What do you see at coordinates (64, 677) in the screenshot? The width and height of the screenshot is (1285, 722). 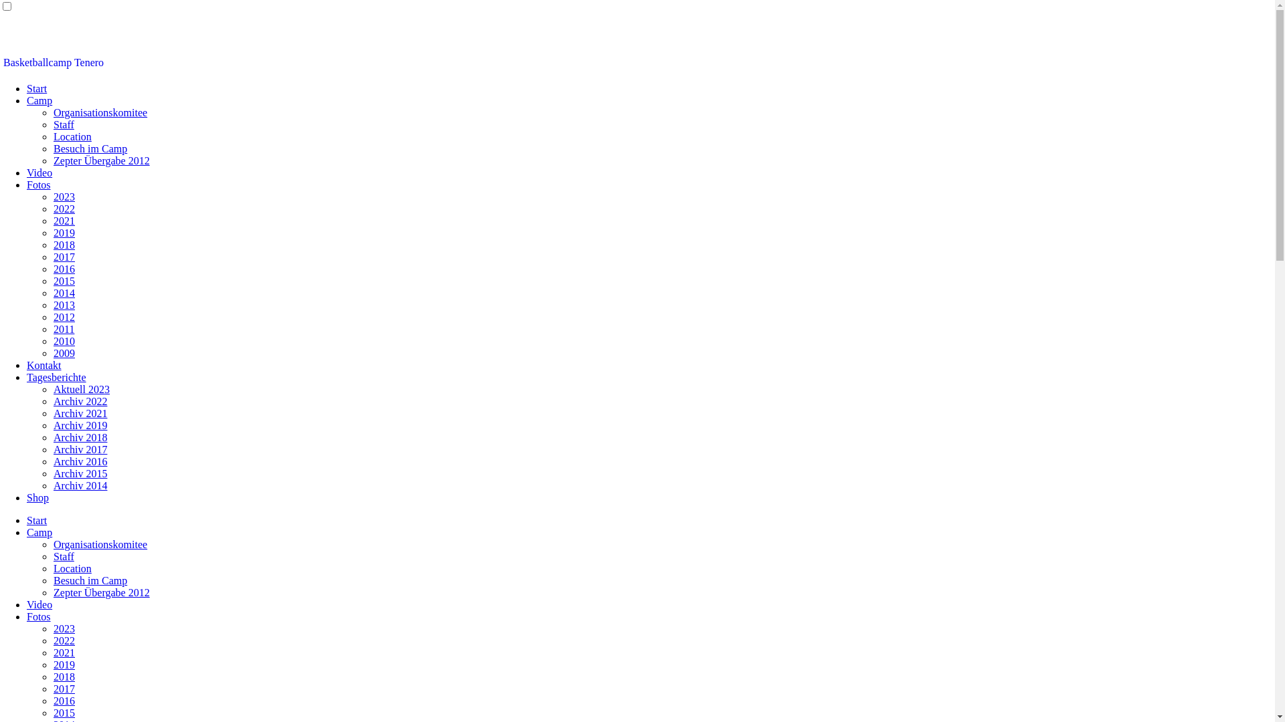 I see `'2018'` at bounding box center [64, 677].